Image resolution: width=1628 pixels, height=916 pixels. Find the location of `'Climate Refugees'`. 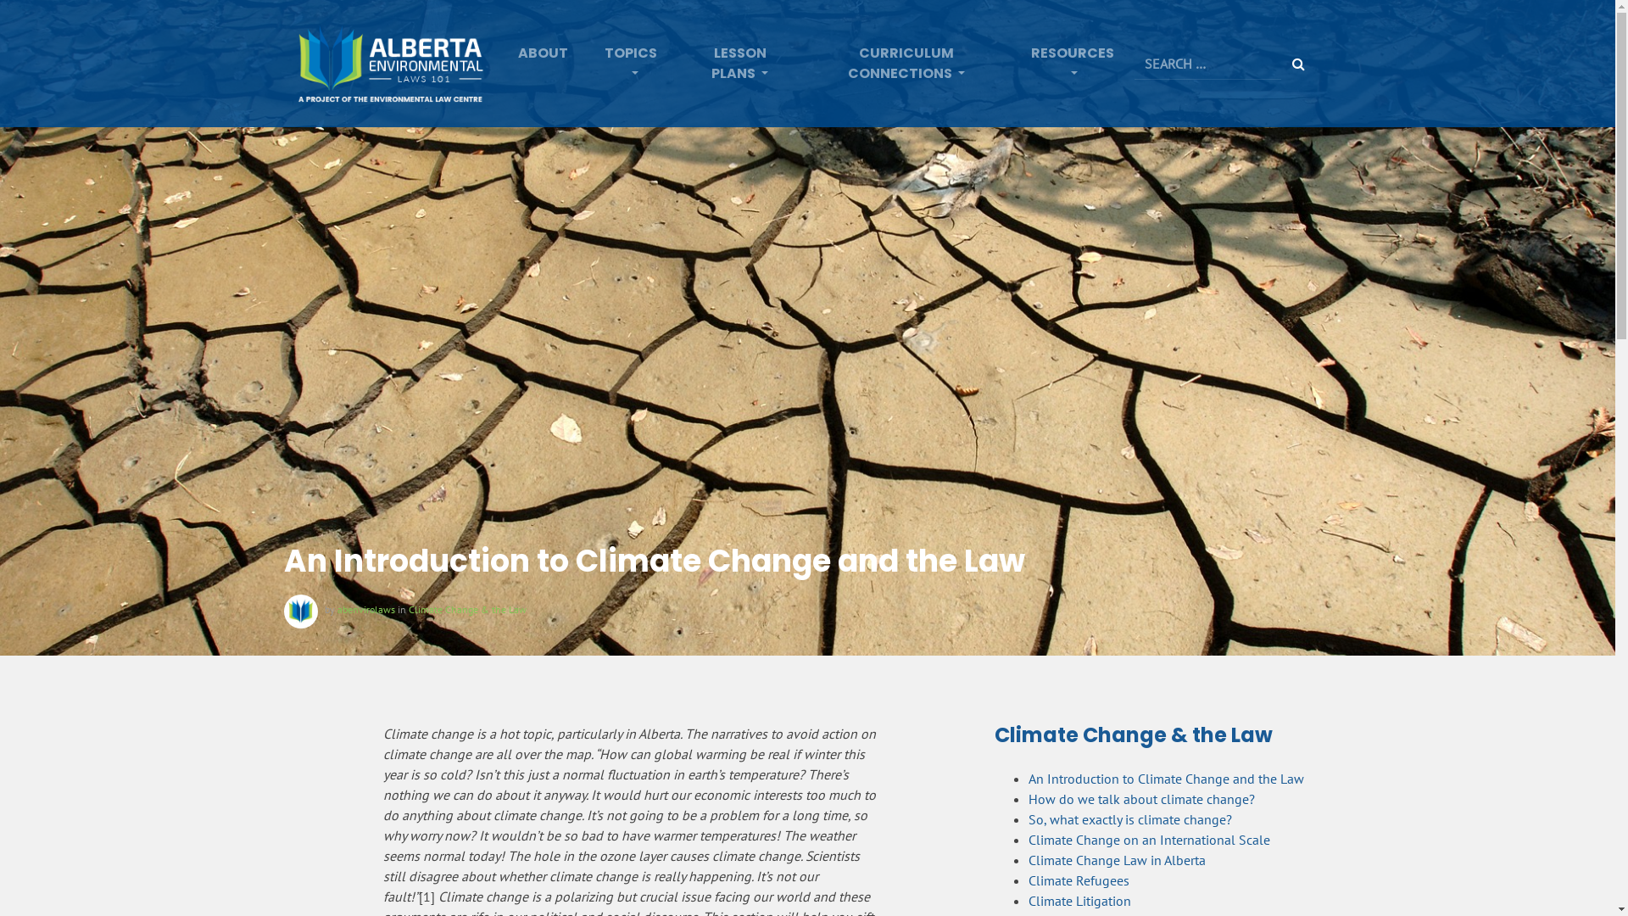

'Climate Refugees' is located at coordinates (1078, 879).